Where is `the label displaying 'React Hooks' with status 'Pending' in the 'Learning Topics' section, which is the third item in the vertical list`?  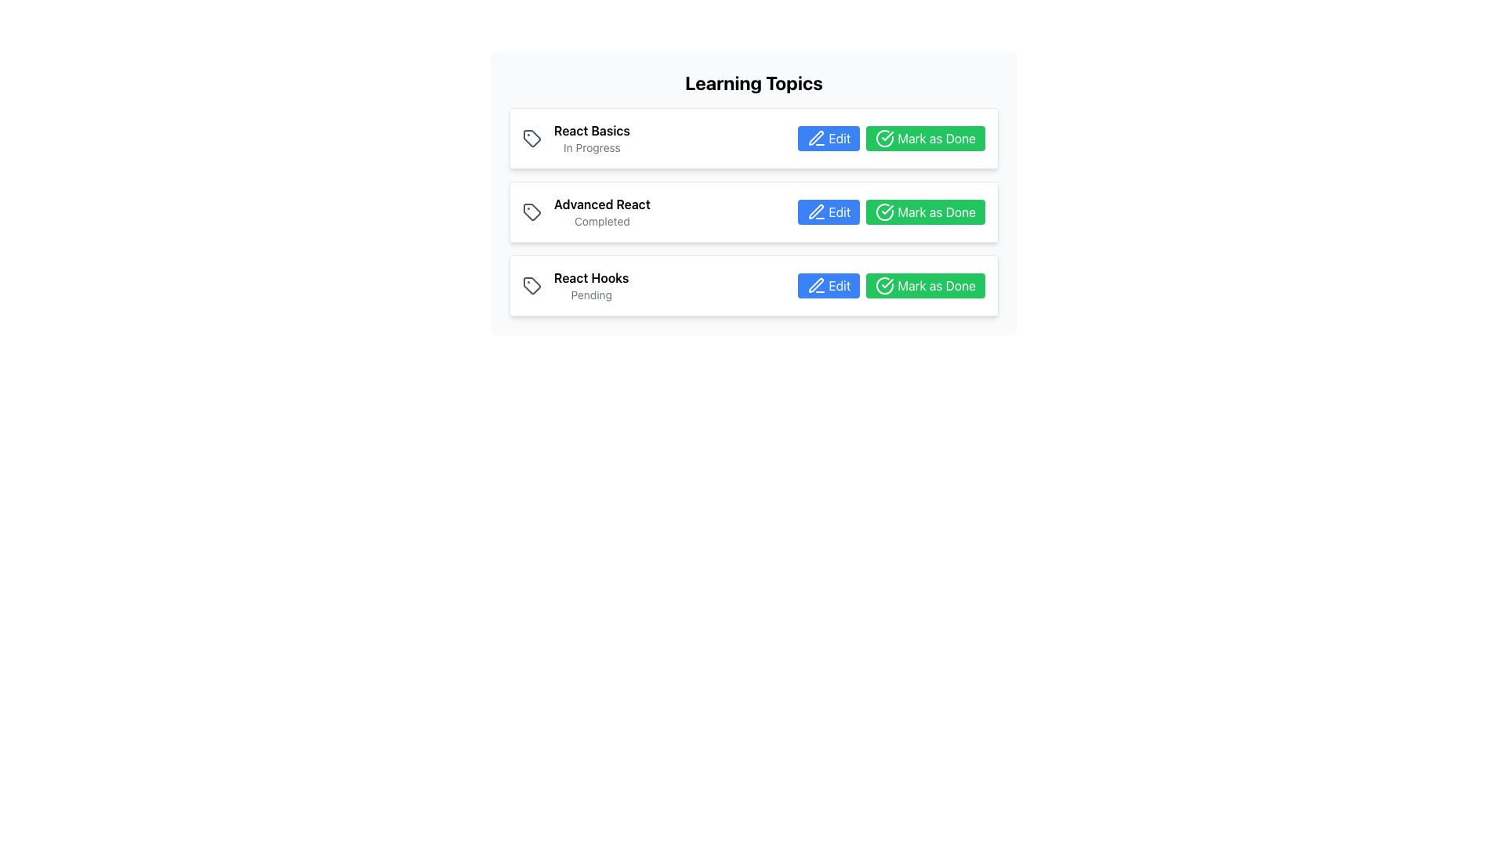 the label displaying 'React Hooks' with status 'Pending' in the 'Learning Topics' section, which is the third item in the vertical list is located at coordinates (590, 286).